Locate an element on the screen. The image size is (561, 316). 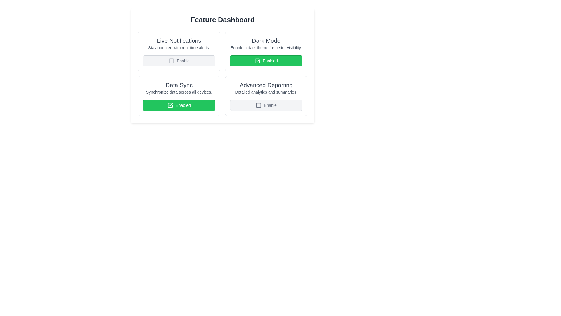
the check mark icon within the 'Data Sync' section, indicating an enabled state, which is positioned to the left of the text label 'Enabled' is located at coordinates (170, 105).